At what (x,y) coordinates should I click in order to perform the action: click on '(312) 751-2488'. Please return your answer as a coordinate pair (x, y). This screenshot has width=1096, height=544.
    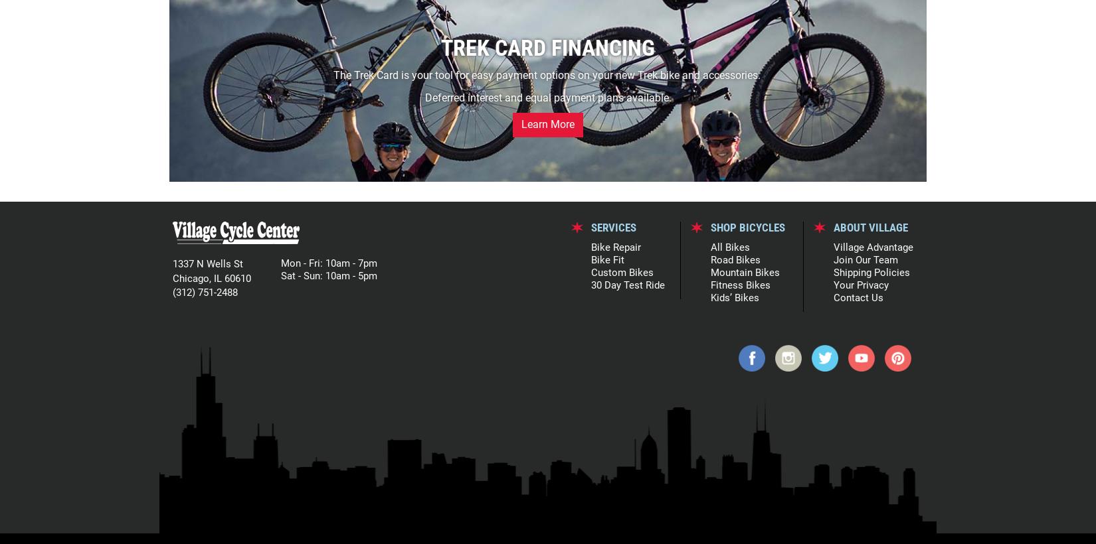
    Looking at the image, I should click on (205, 291).